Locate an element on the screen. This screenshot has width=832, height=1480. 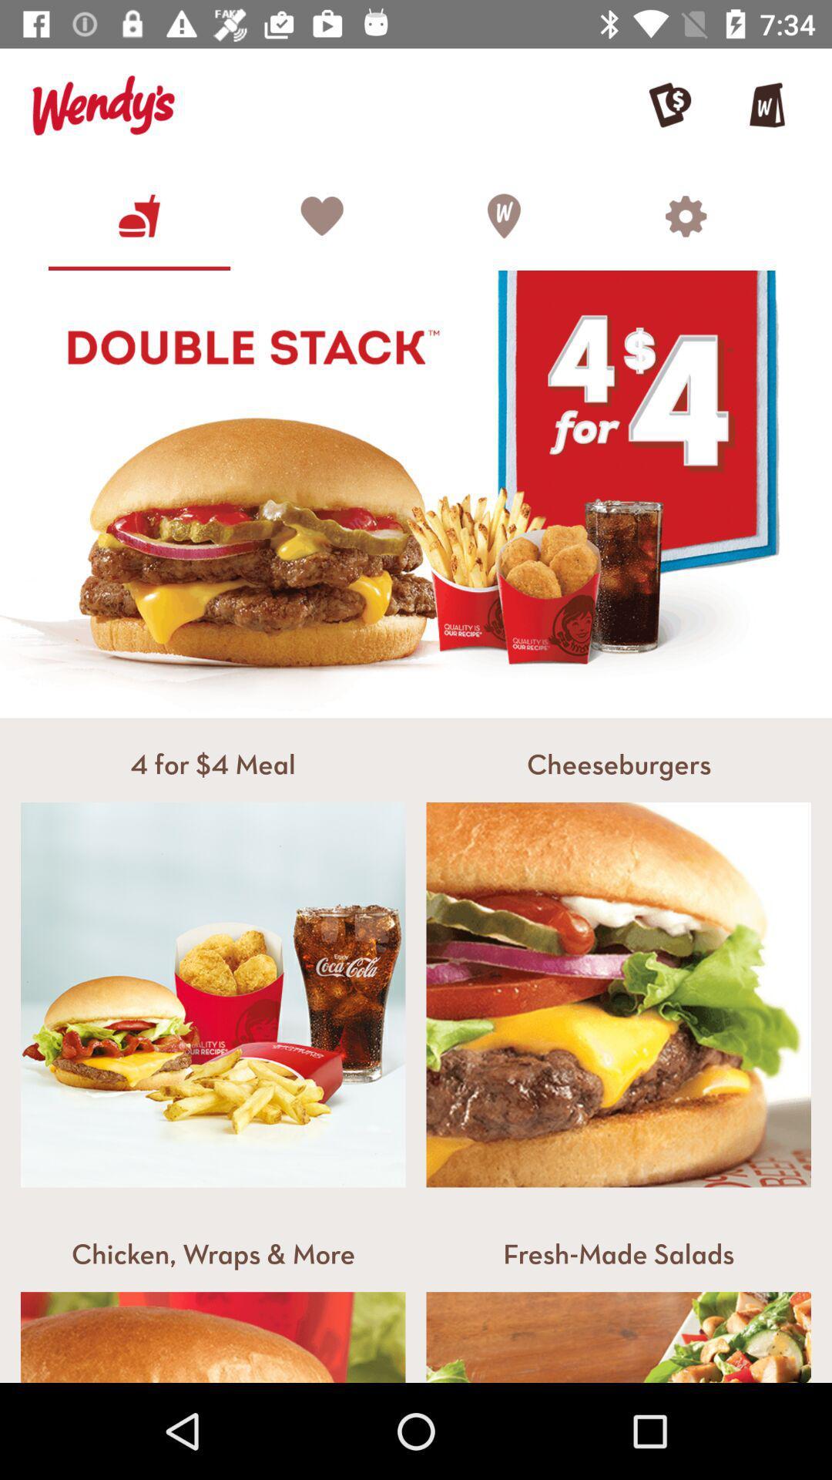
the heart icon which is above the double stack image is located at coordinates (320, 215).